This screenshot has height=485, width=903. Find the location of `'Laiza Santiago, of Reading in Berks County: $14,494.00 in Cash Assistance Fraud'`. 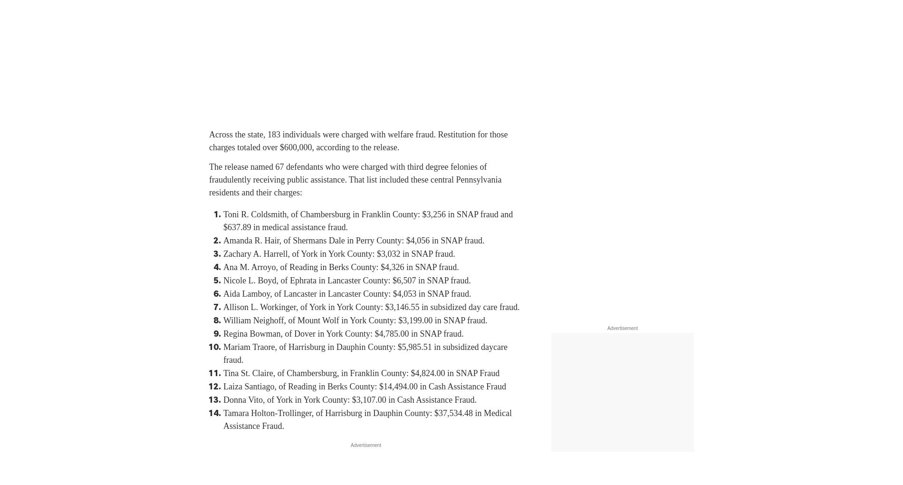

'Laiza Santiago, of Reading in Berks County: $14,494.00 in Cash Assistance Fraud' is located at coordinates (364, 387).